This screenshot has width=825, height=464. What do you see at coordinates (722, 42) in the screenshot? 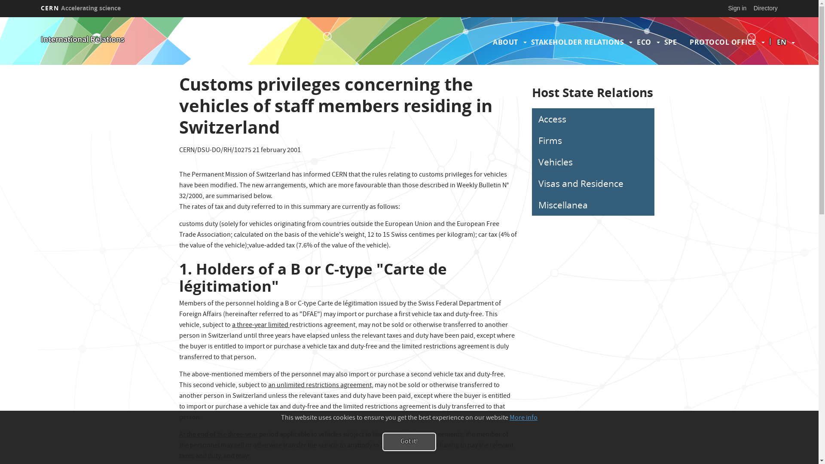
I see `'PROTOCOL OFFICE'` at bounding box center [722, 42].